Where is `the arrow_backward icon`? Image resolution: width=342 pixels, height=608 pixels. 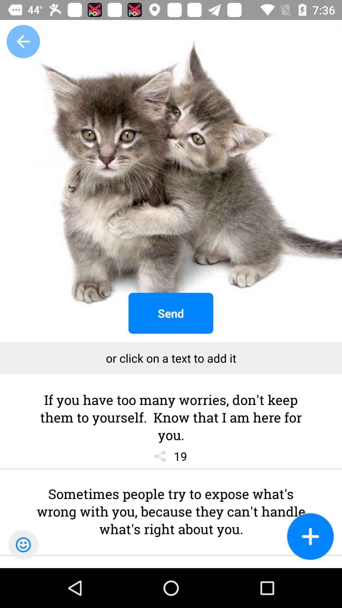 the arrow_backward icon is located at coordinates (23, 41).